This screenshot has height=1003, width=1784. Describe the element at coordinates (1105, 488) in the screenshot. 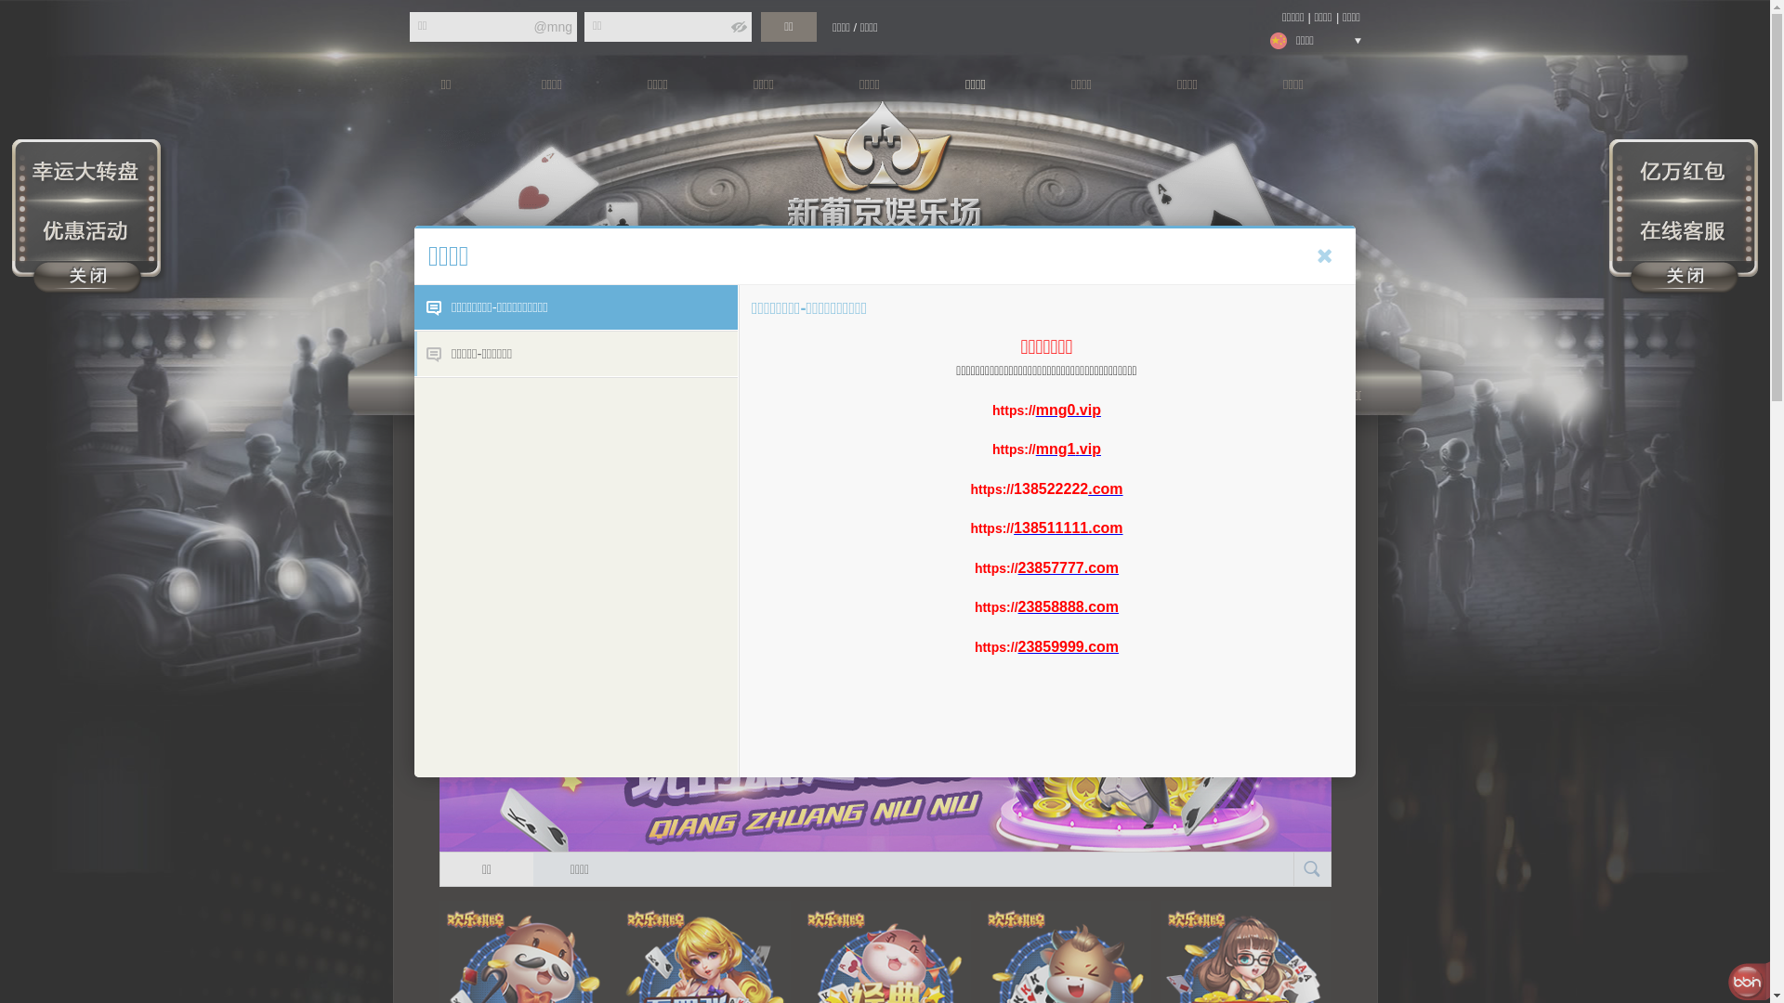

I see `'.com'` at that location.